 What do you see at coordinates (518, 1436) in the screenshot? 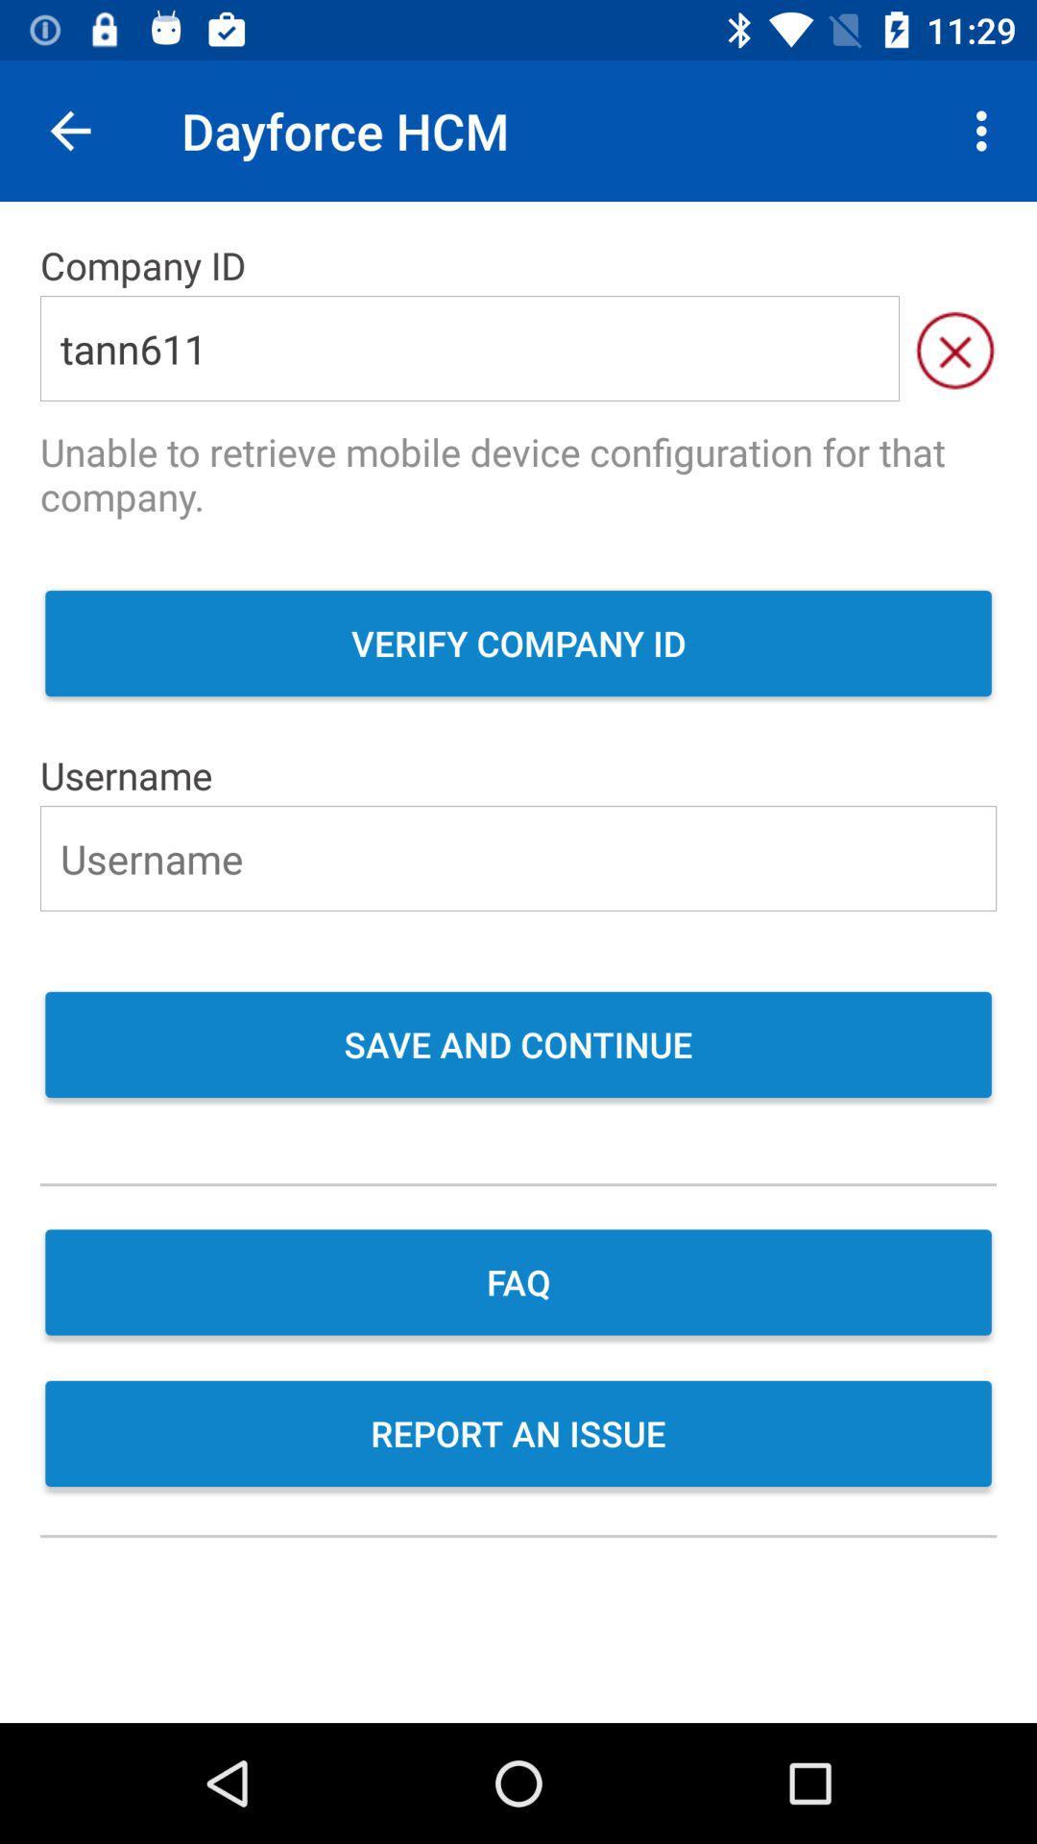
I see `the item below the faq item` at bounding box center [518, 1436].